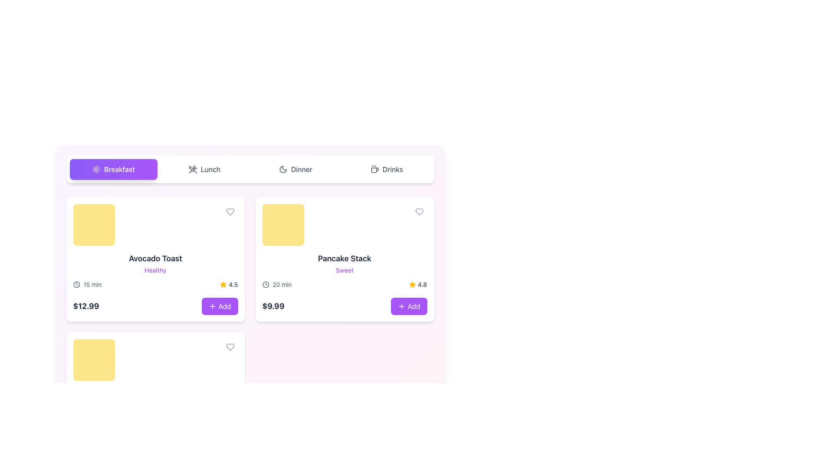 This screenshot has height=468, width=833. I want to click on the decorative non-interactive visual block located at the top left of the card displaying information about 'Pancake Stack', so click(283, 224).